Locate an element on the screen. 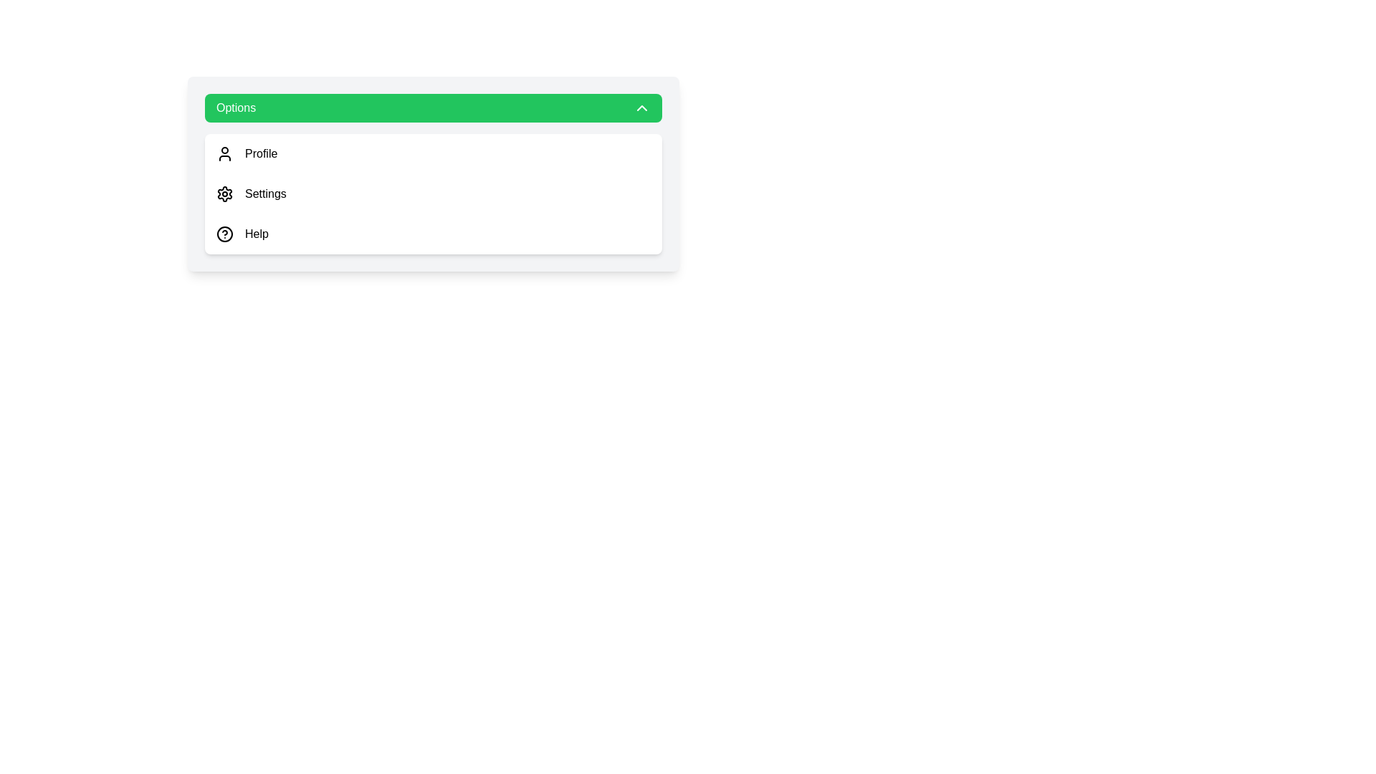 The height and width of the screenshot is (774, 1376). the Text Label indicating the user profile section located in the dropdown menu, positioned to the right of the user icon and above the 'Settings' and 'Help' options is located at coordinates (261, 154).